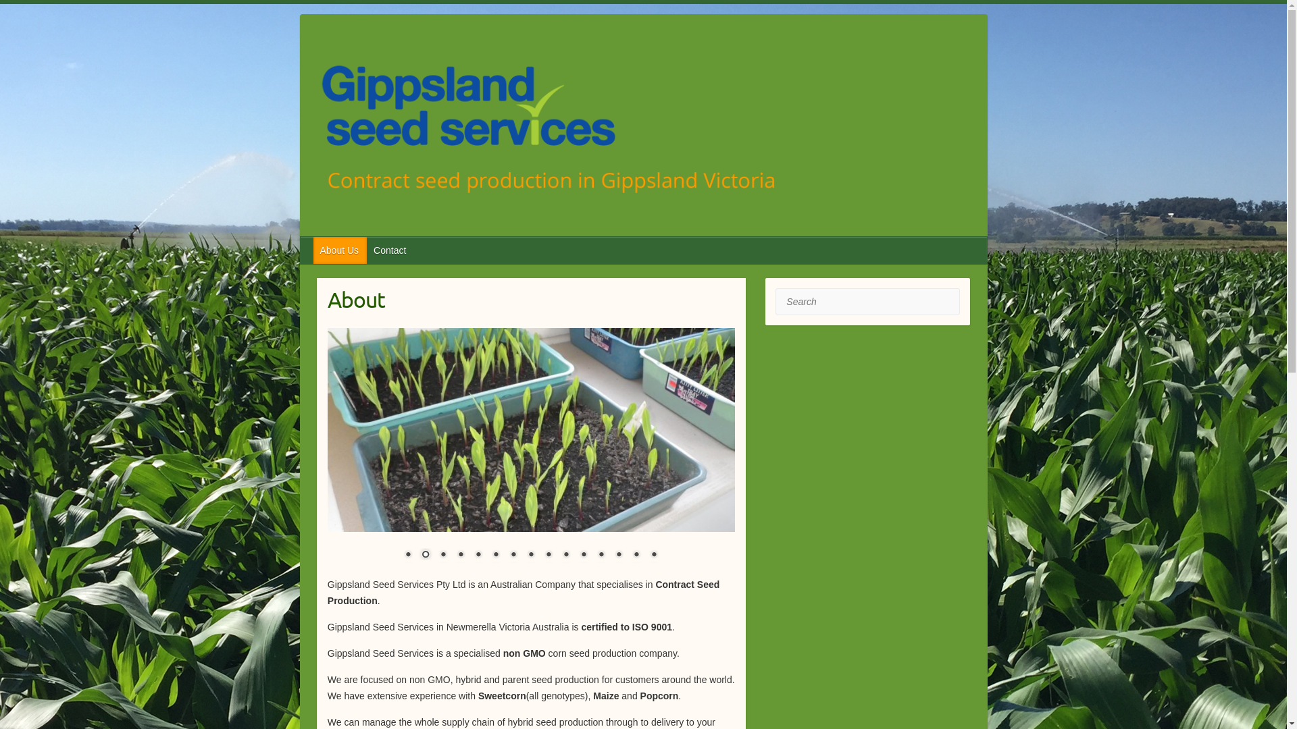  Describe the element at coordinates (530, 555) in the screenshot. I see `'8'` at that location.